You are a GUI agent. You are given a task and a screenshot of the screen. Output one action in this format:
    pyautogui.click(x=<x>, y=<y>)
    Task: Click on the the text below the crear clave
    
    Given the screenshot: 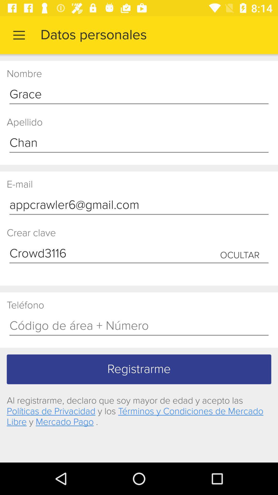 What is the action you would take?
    pyautogui.click(x=139, y=254)
    